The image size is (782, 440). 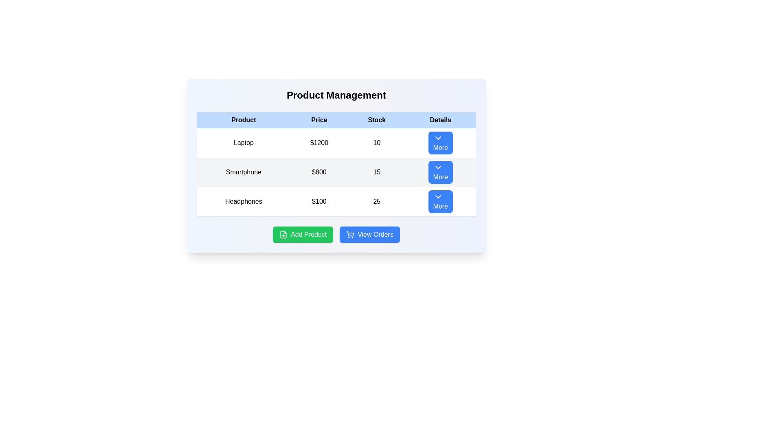 I want to click on the Static Text element displaying 'Smartphone' in the 'Product' column of the second row in the table, so click(x=243, y=172).